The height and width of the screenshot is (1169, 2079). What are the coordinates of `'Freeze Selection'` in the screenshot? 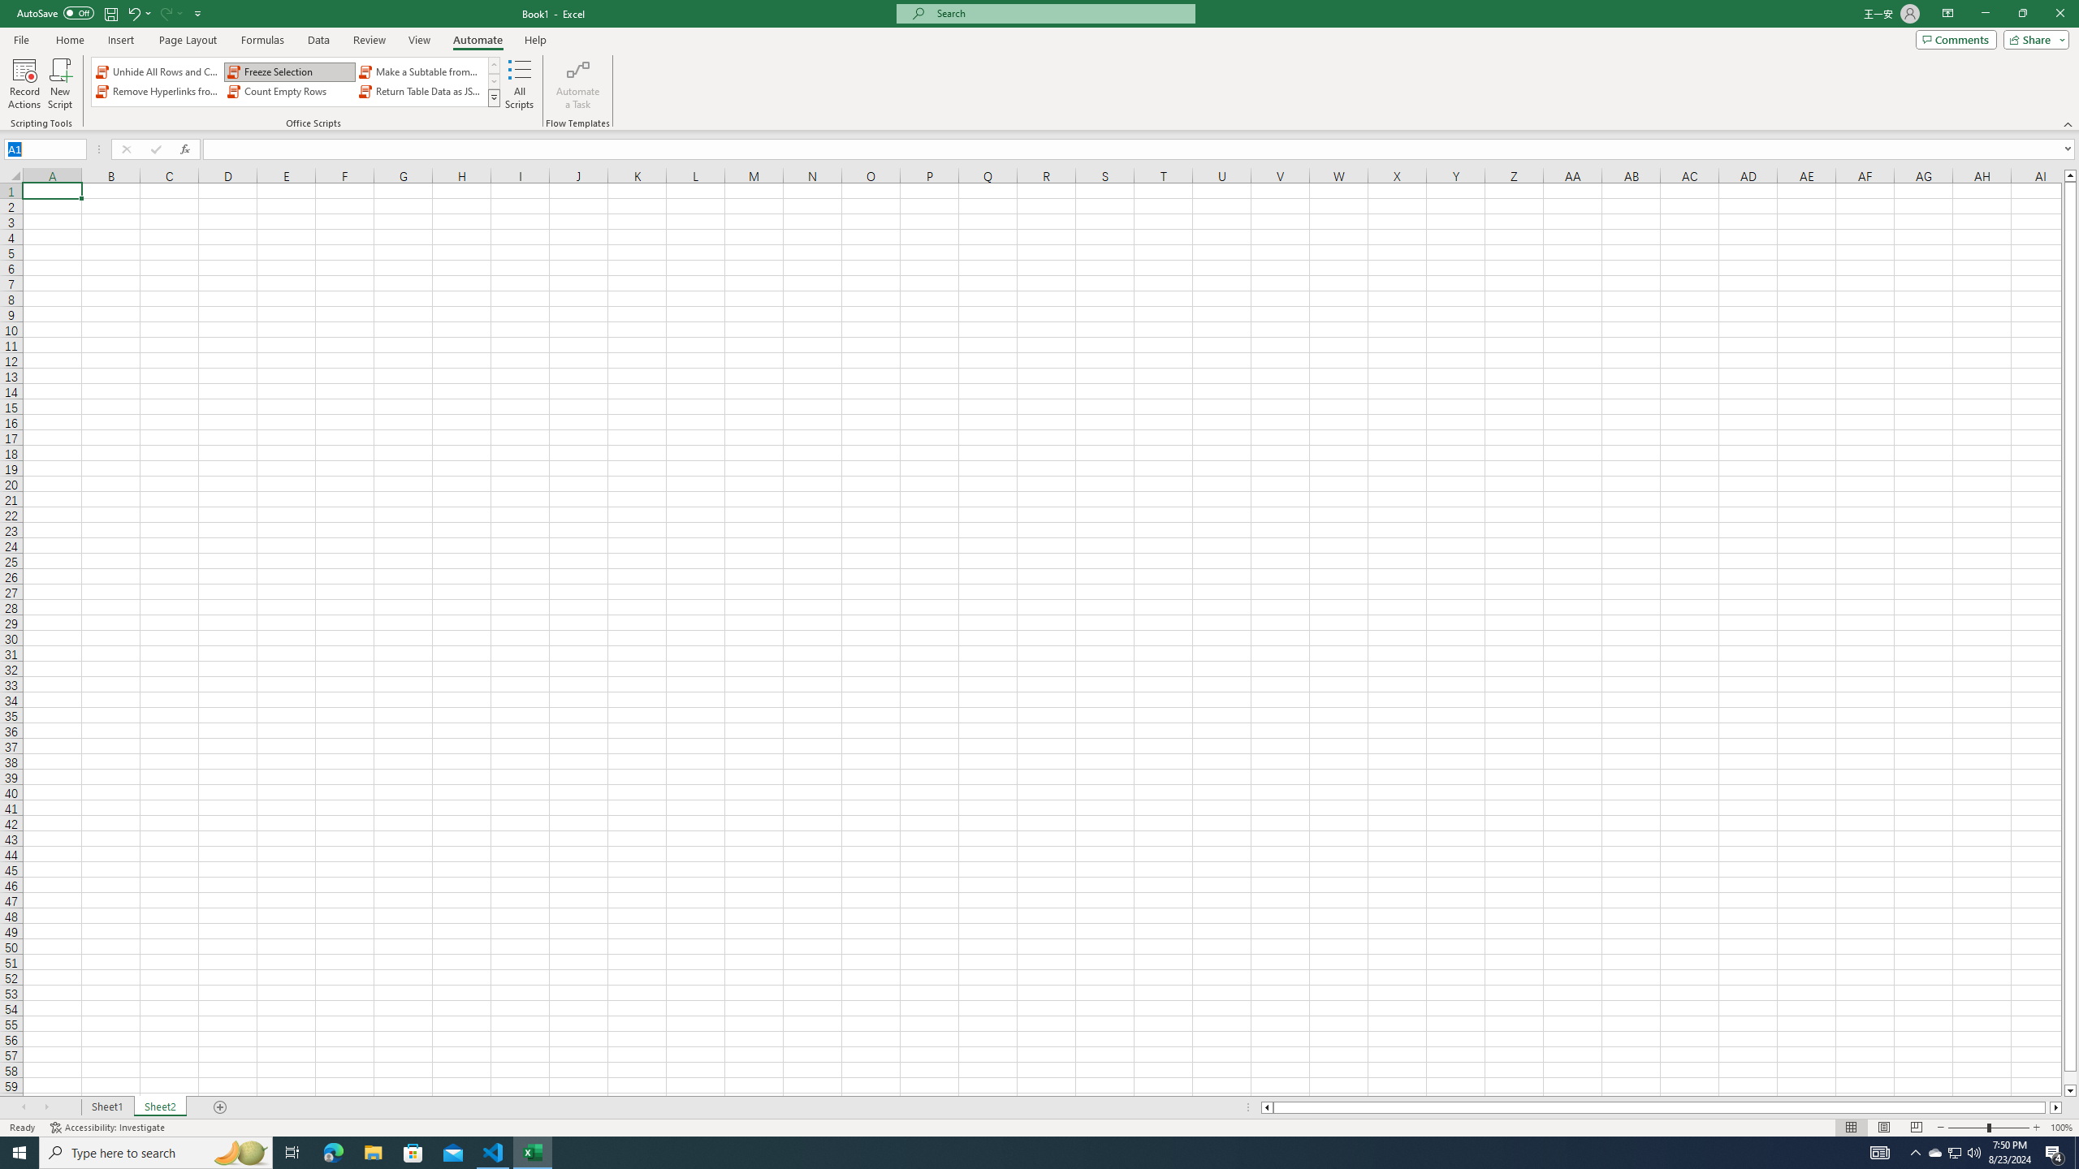 It's located at (289, 71).